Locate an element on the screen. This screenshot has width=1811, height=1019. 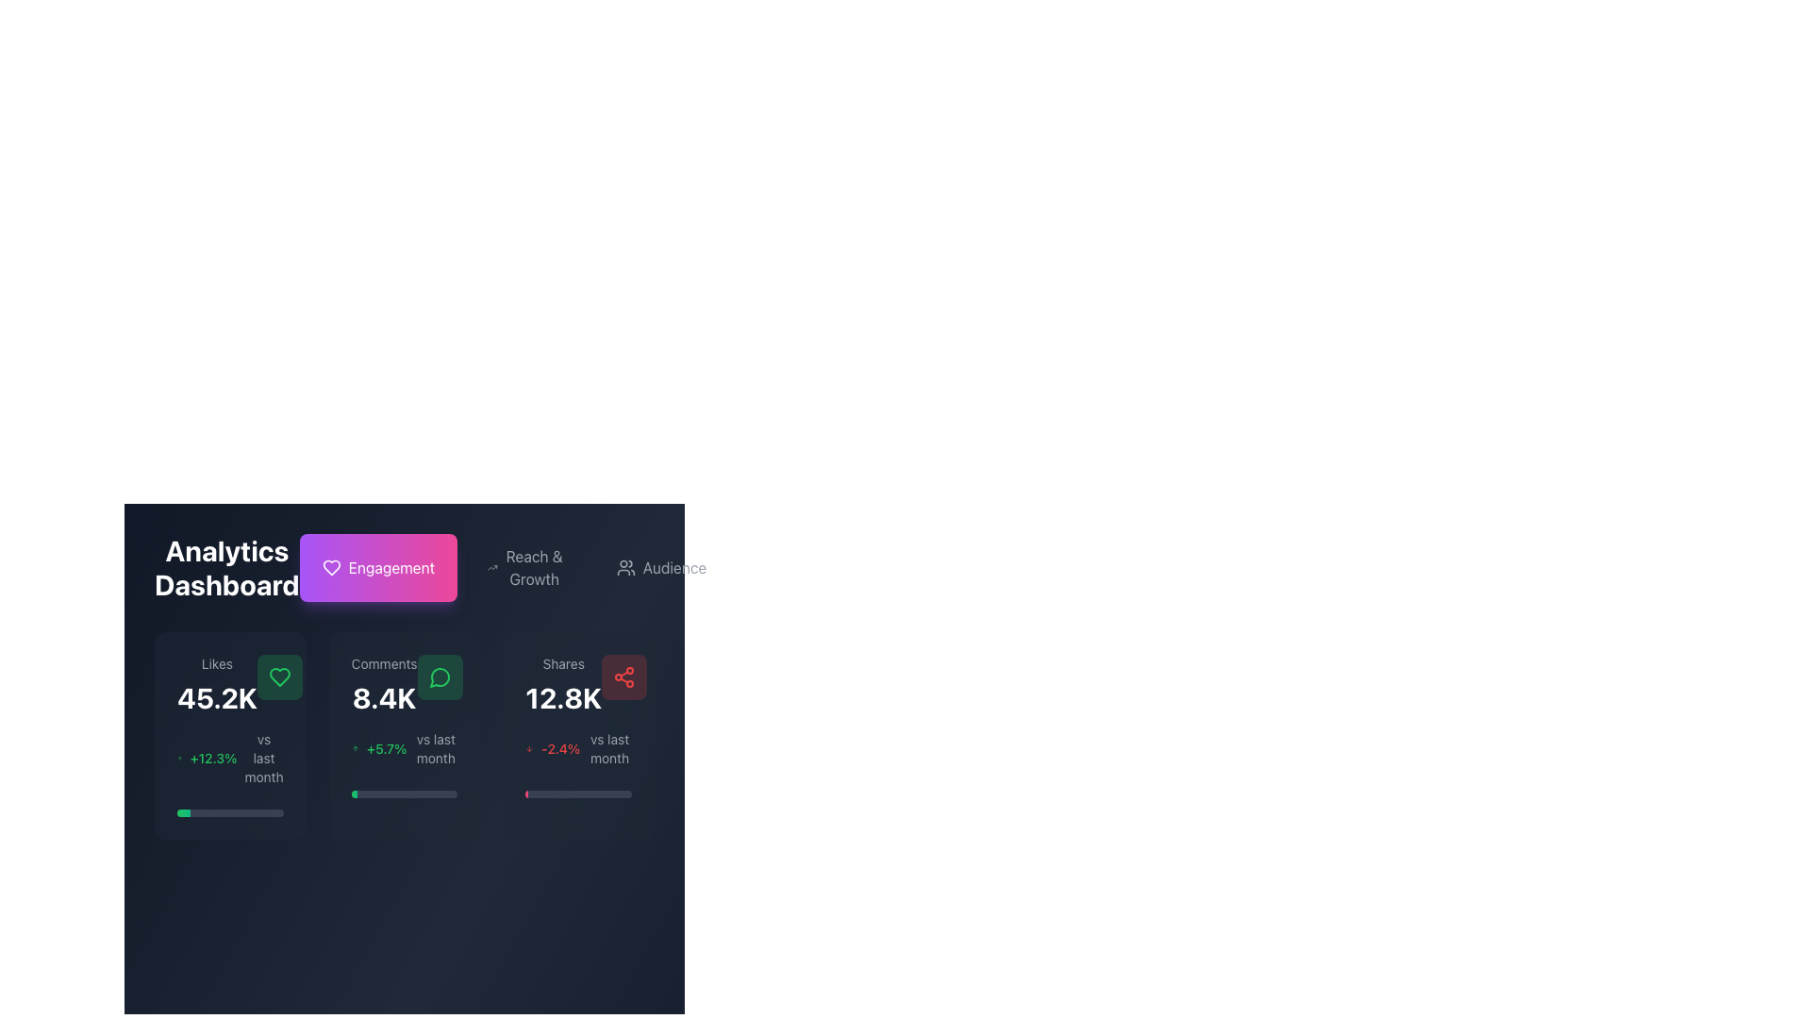
the static text display element that shows 'Comments' in small gray letters above '8.4K' in a large, bold, white font, which is part of a card-like section among other metrics is located at coordinates (383, 684).